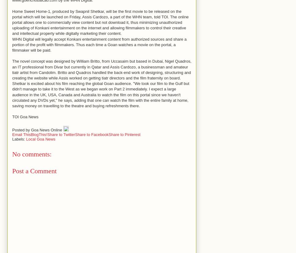 This screenshot has height=253, width=296. What do you see at coordinates (46, 130) in the screenshot?
I see `'Goa News Online'` at bounding box center [46, 130].